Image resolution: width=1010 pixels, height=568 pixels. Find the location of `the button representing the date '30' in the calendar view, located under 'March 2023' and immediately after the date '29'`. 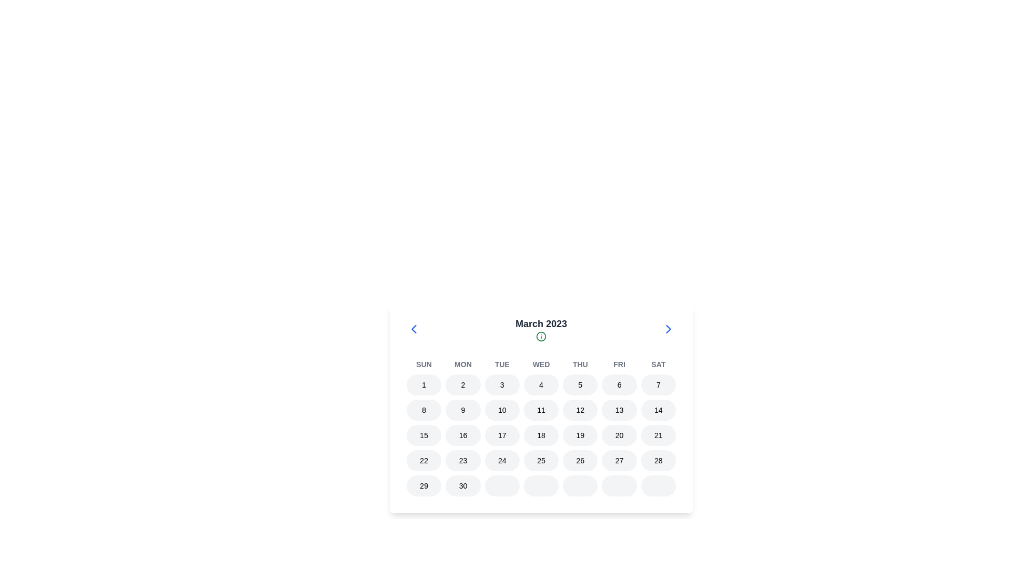

the button representing the date '30' in the calendar view, located under 'March 2023' and immediately after the date '29' is located at coordinates (463, 486).